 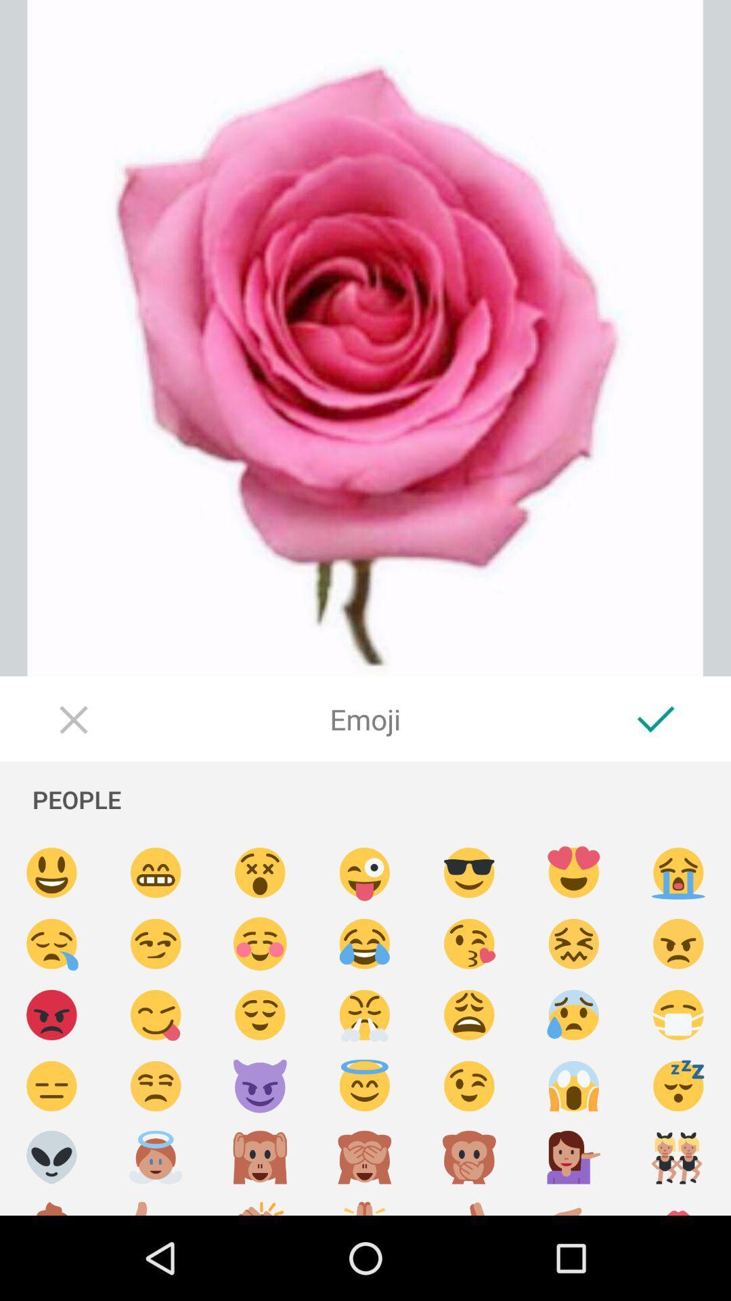 What do you see at coordinates (468, 943) in the screenshot?
I see `kissing with heart emoji` at bounding box center [468, 943].